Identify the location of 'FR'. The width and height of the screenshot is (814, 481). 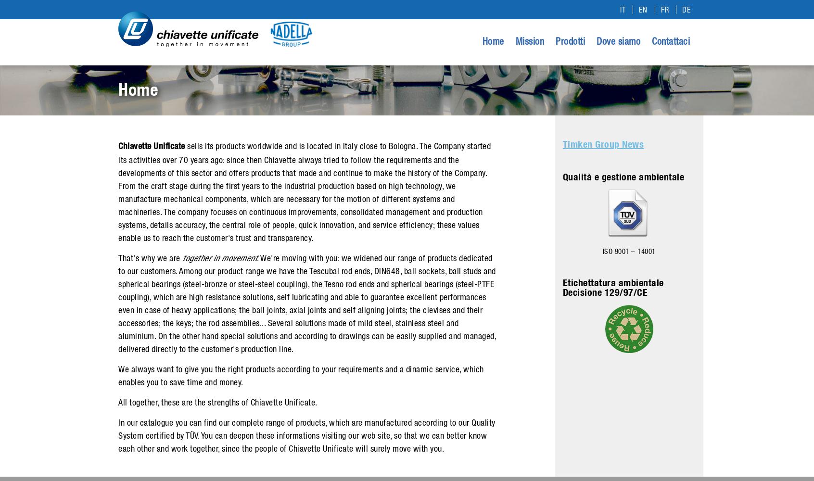
(664, 10).